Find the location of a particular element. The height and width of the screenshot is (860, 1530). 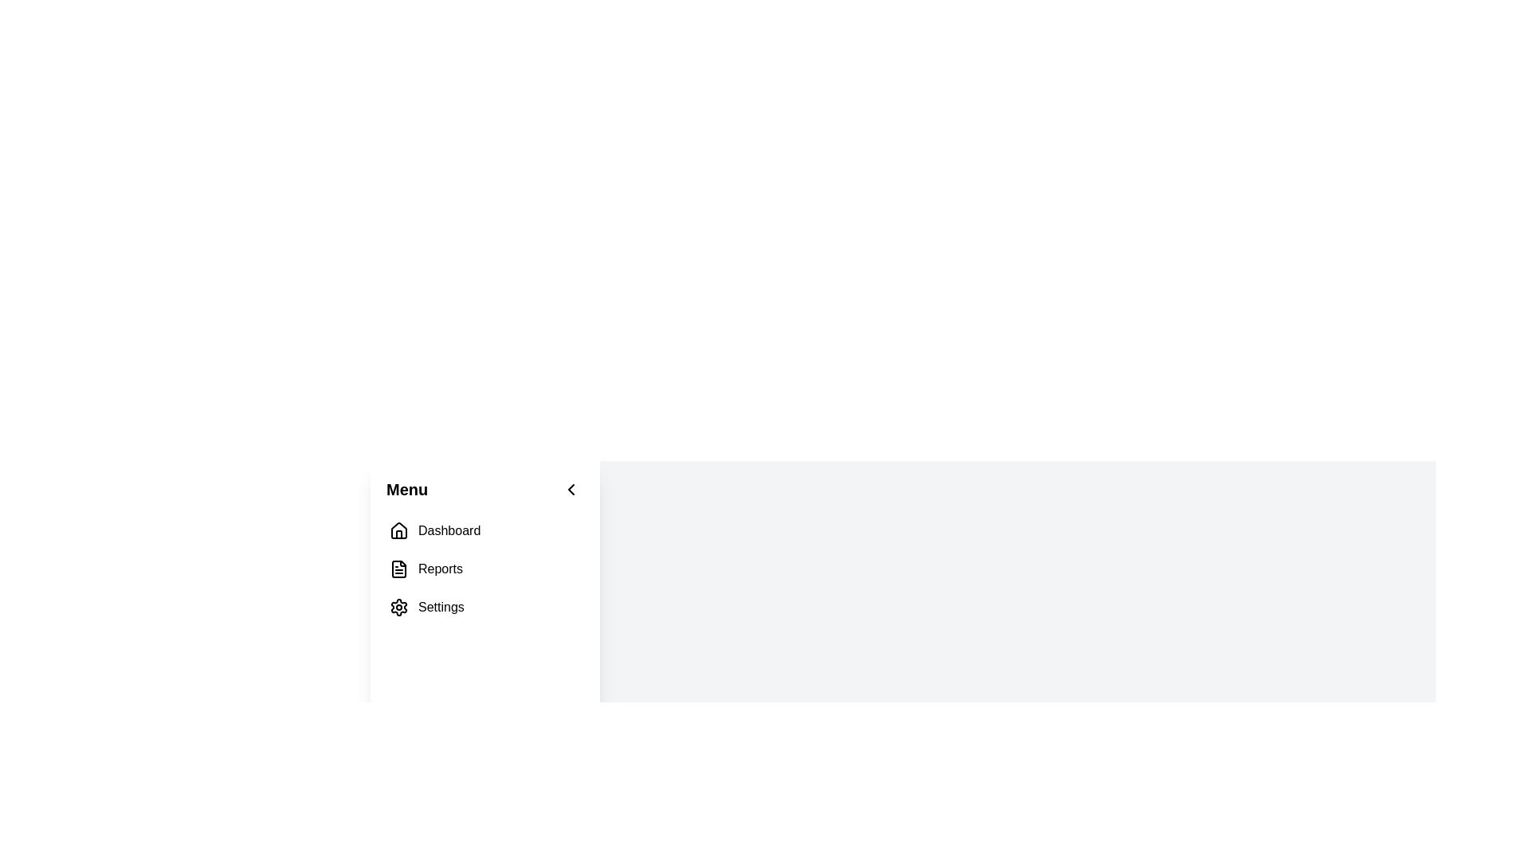

the bold text labeled 'Menu' at the top-left of the vertical navigation menu is located at coordinates (407, 488).